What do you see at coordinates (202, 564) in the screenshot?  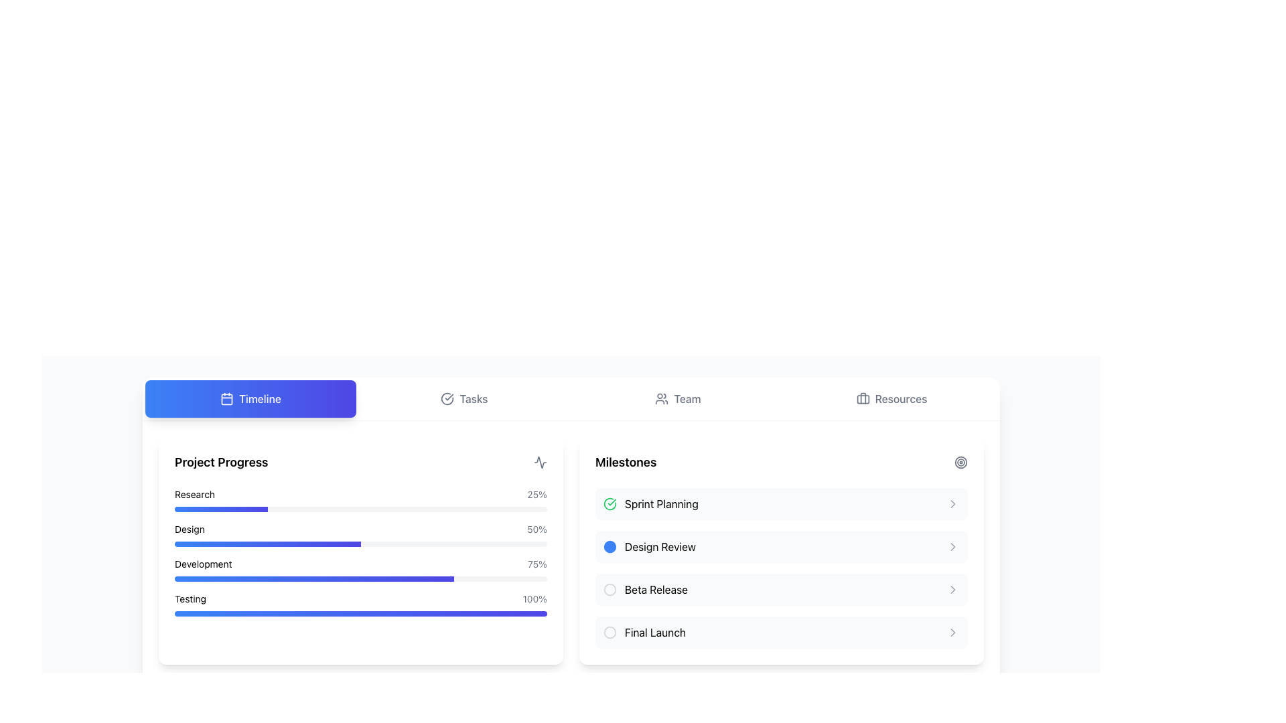 I see `the 'Project Progress' text label` at bounding box center [202, 564].